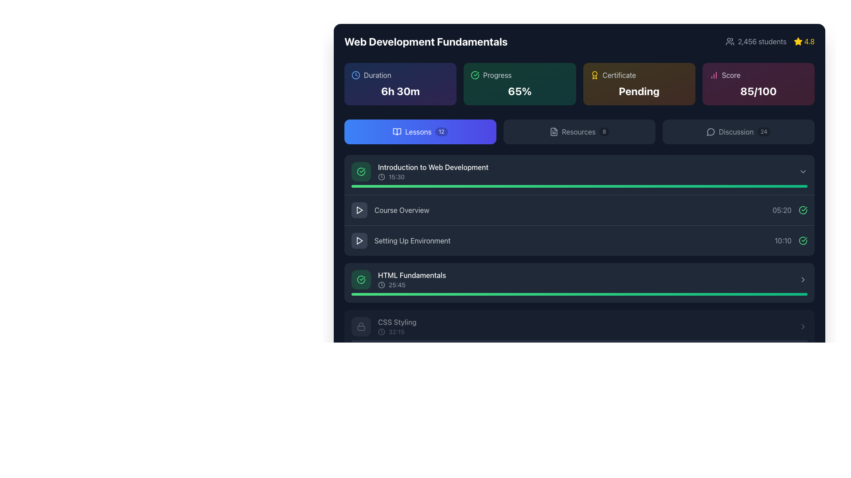 Image resolution: width=851 pixels, height=478 pixels. I want to click on the Informational card, which is a rectangular card with a gradient background from green to emerald, featuring a check icon and text indicating 'Progress' and '65%'. It is the second card from the left in a row of four cards at the top of the interface, so click(519, 84).